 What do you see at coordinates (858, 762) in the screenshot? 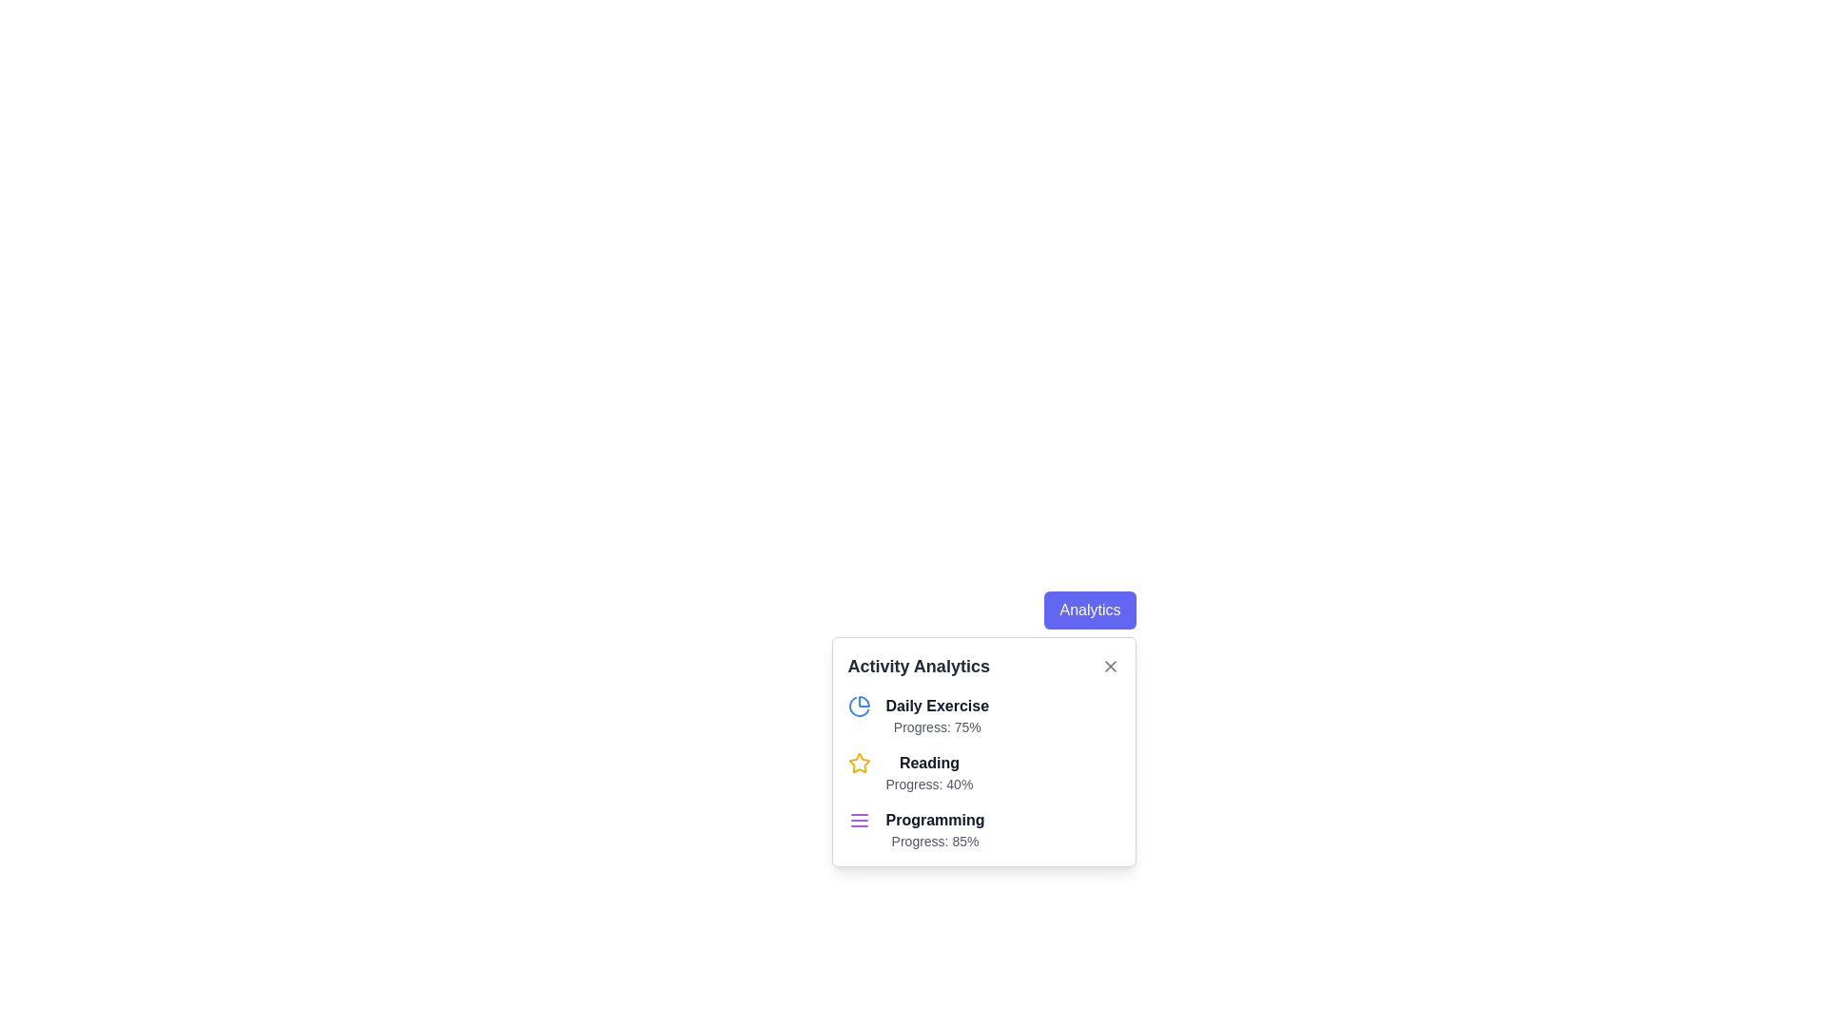
I see `the interactive yellow star icon located in the second row of the analytics panel, which corresponds to the 'Reading' activity progress title` at bounding box center [858, 762].